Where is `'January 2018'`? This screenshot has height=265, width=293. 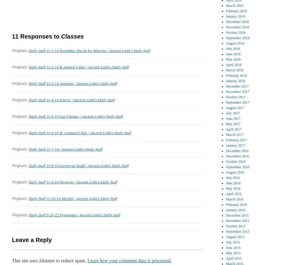 'January 2018' is located at coordinates (225, 80).